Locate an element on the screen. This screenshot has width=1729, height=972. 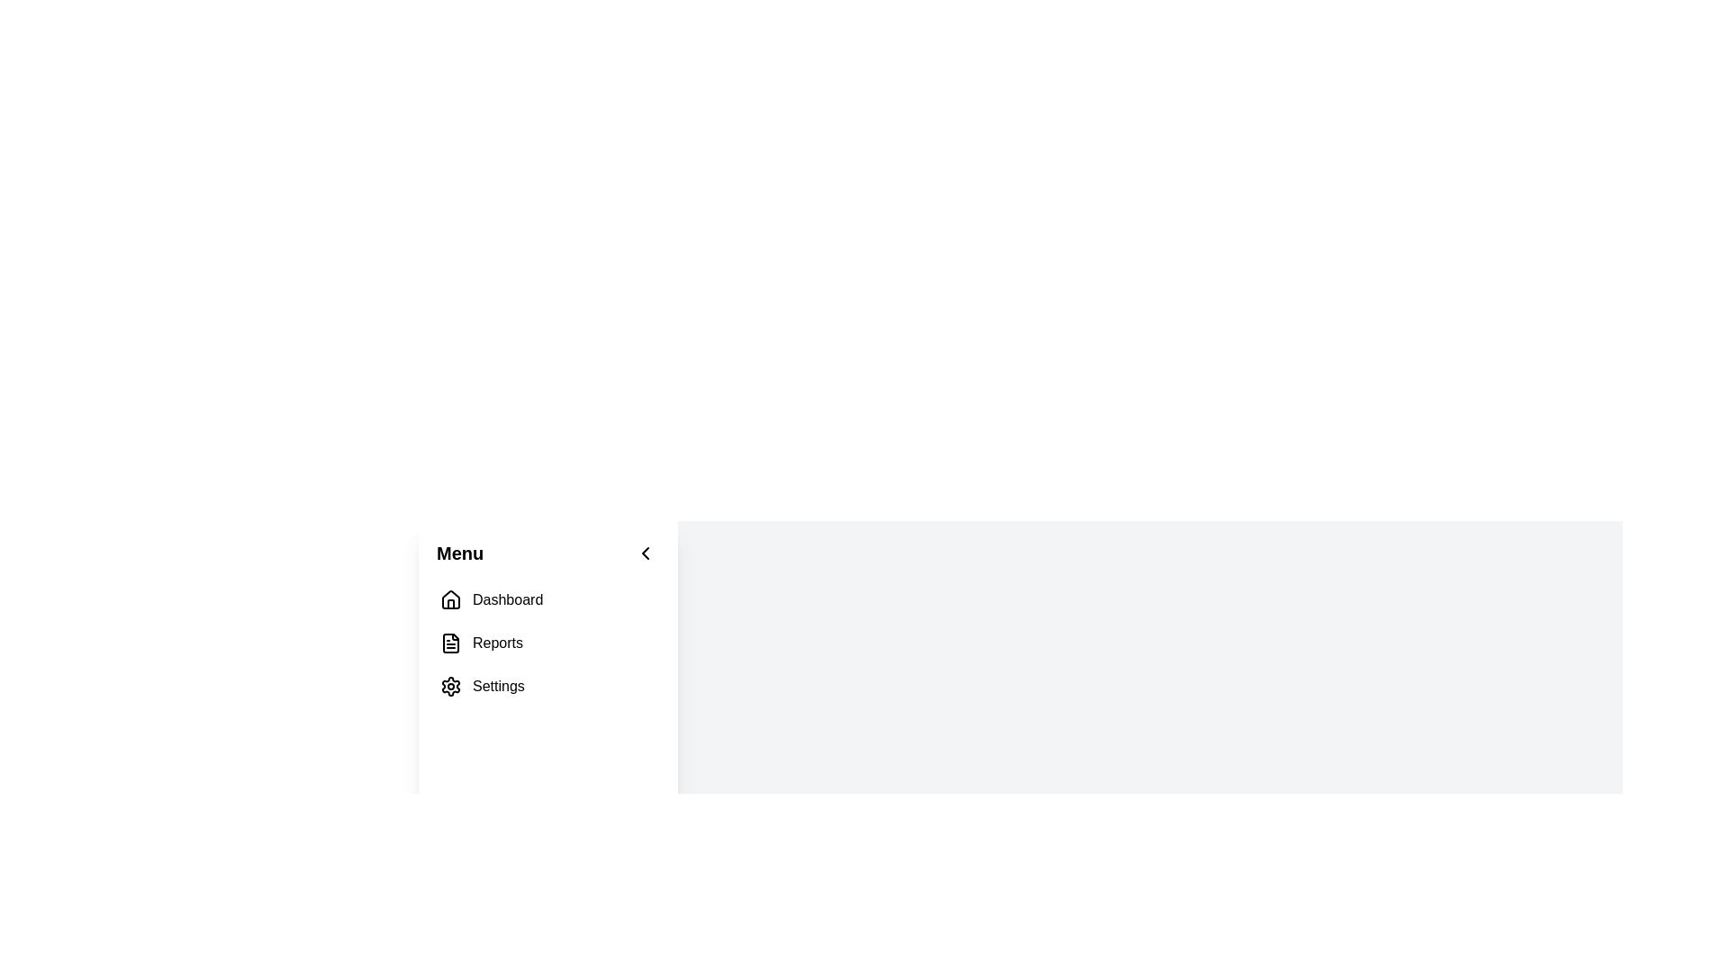
the circular button with a gray background and left-pointing chevron icon located to the right of the 'Menu' title to change its background color is located at coordinates (645, 552).